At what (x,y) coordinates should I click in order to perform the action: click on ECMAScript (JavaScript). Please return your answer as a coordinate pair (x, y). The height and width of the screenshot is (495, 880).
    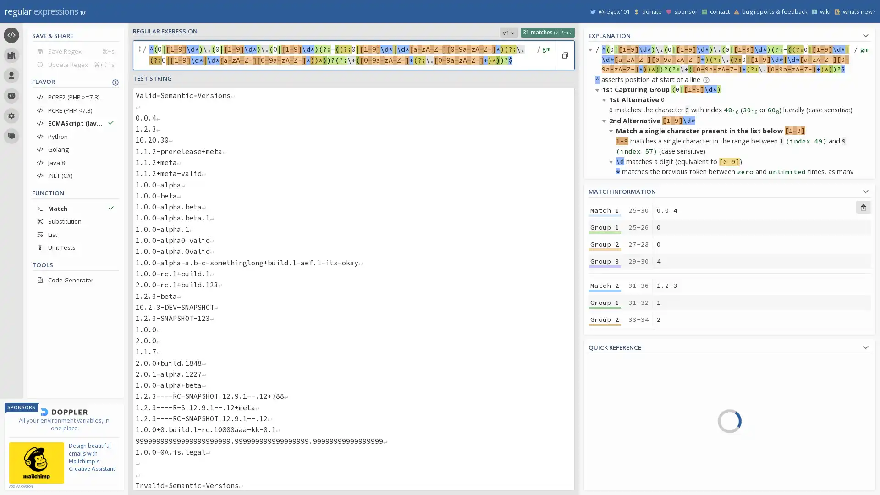
    Looking at the image, I should click on (75, 123).